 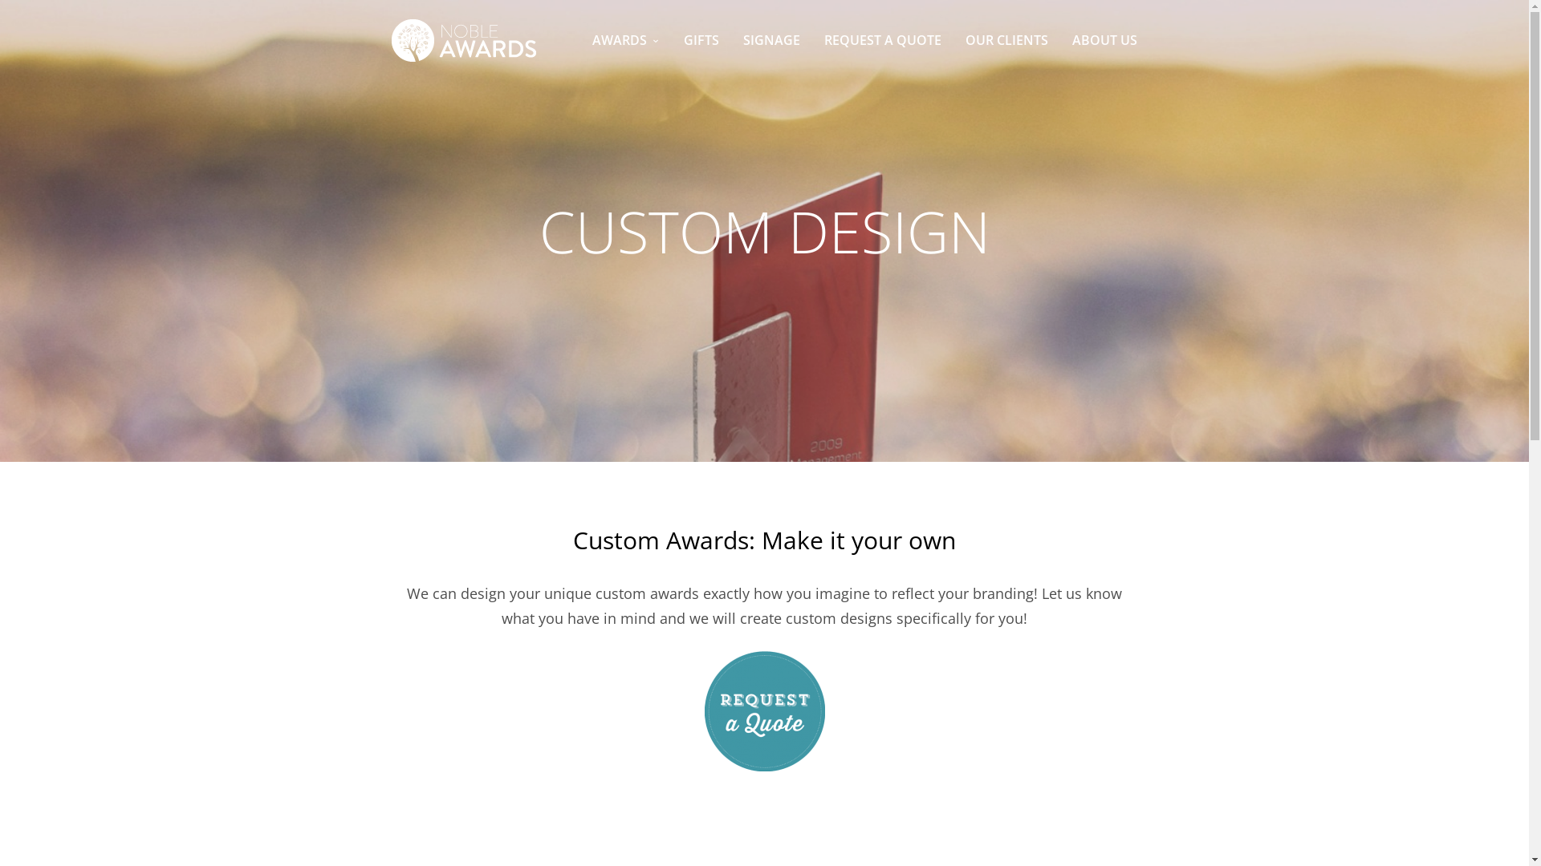 What do you see at coordinates (1006, 39) in the screenshot?
I see `'OUR CLIENTS'` at bounding box center [1006, 39].